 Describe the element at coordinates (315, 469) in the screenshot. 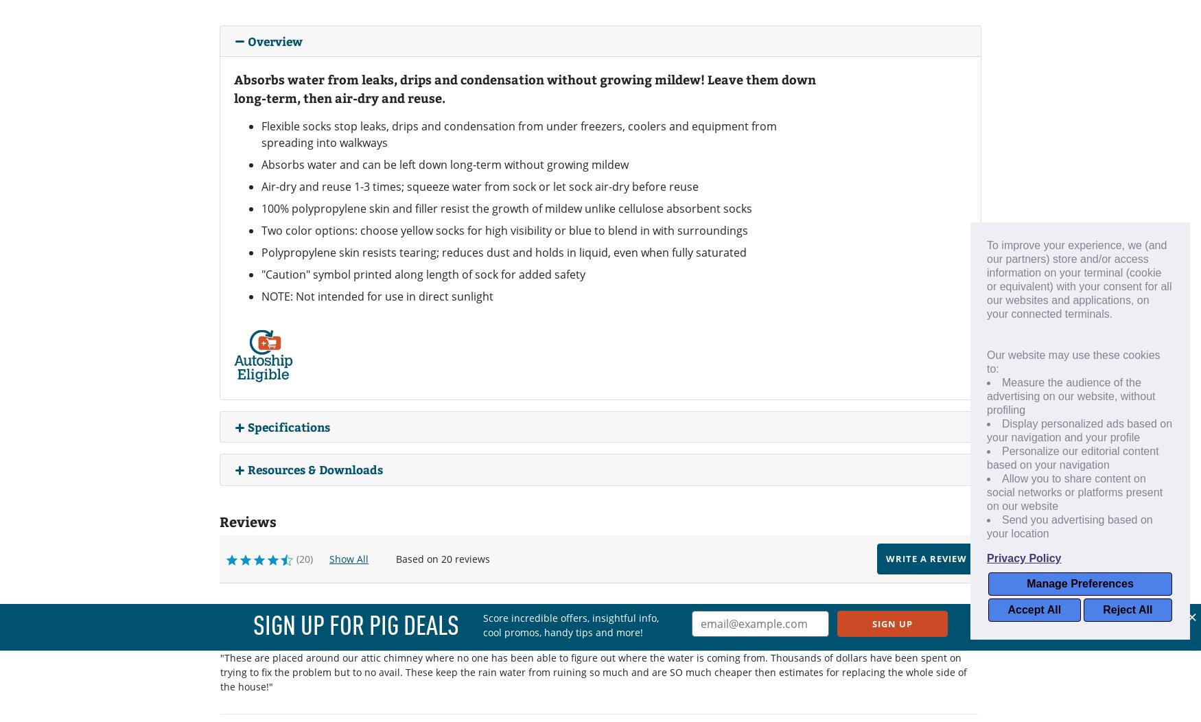

I see `'Resources & Downloads'` at that location.